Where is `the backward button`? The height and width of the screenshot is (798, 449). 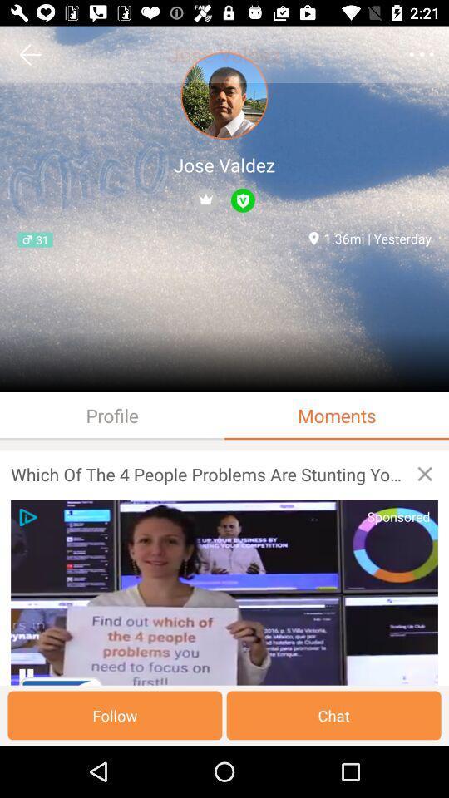
the backward button is located at coordinates (30, 54).